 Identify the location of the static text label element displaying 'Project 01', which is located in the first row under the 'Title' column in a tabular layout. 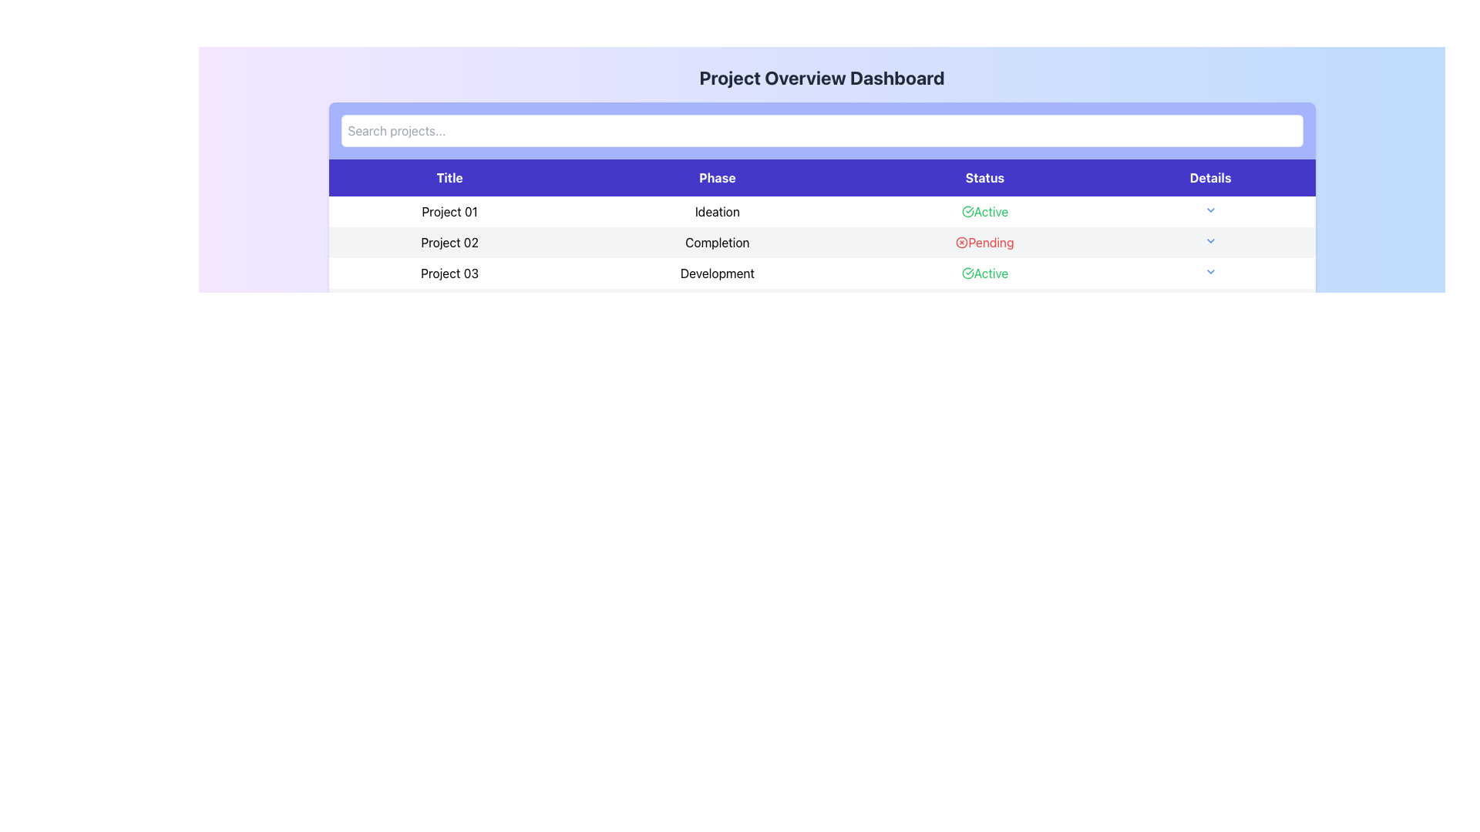
(449, 211).